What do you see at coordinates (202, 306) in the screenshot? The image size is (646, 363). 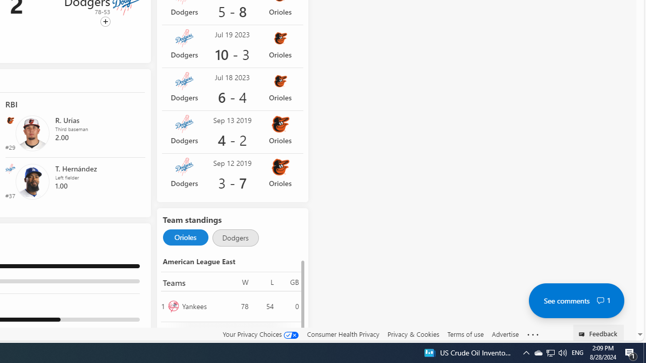 I see `'Yankees'` at bounding box center [202, 306].